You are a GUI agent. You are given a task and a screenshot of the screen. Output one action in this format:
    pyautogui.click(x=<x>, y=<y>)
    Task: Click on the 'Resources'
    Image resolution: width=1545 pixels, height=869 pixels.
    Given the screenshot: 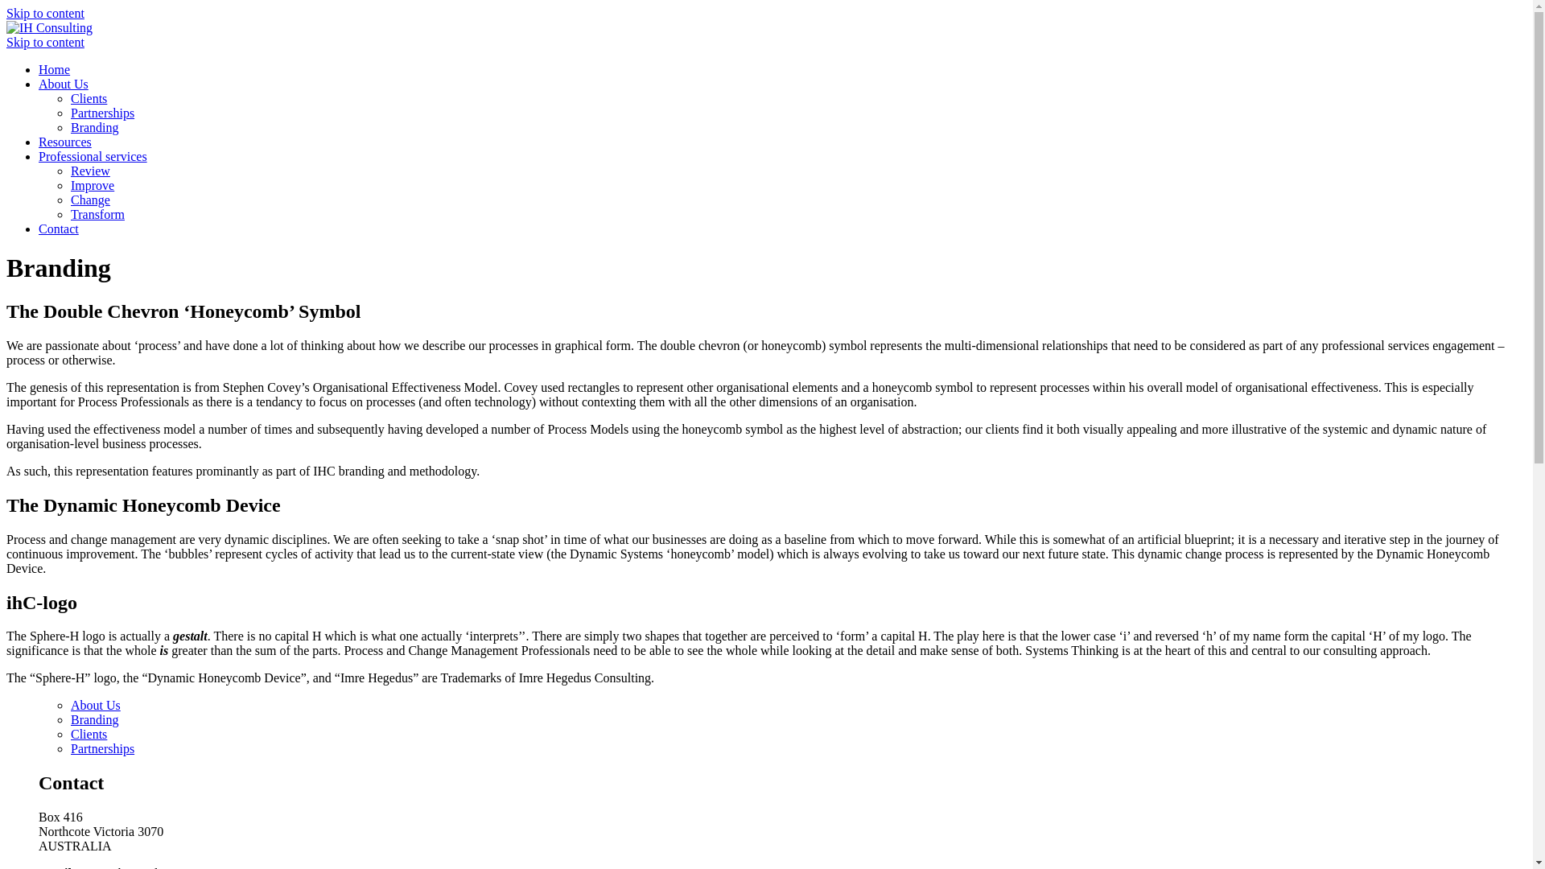 What is the action you would take?
    pyautogui.click(x=39, y=141)
    